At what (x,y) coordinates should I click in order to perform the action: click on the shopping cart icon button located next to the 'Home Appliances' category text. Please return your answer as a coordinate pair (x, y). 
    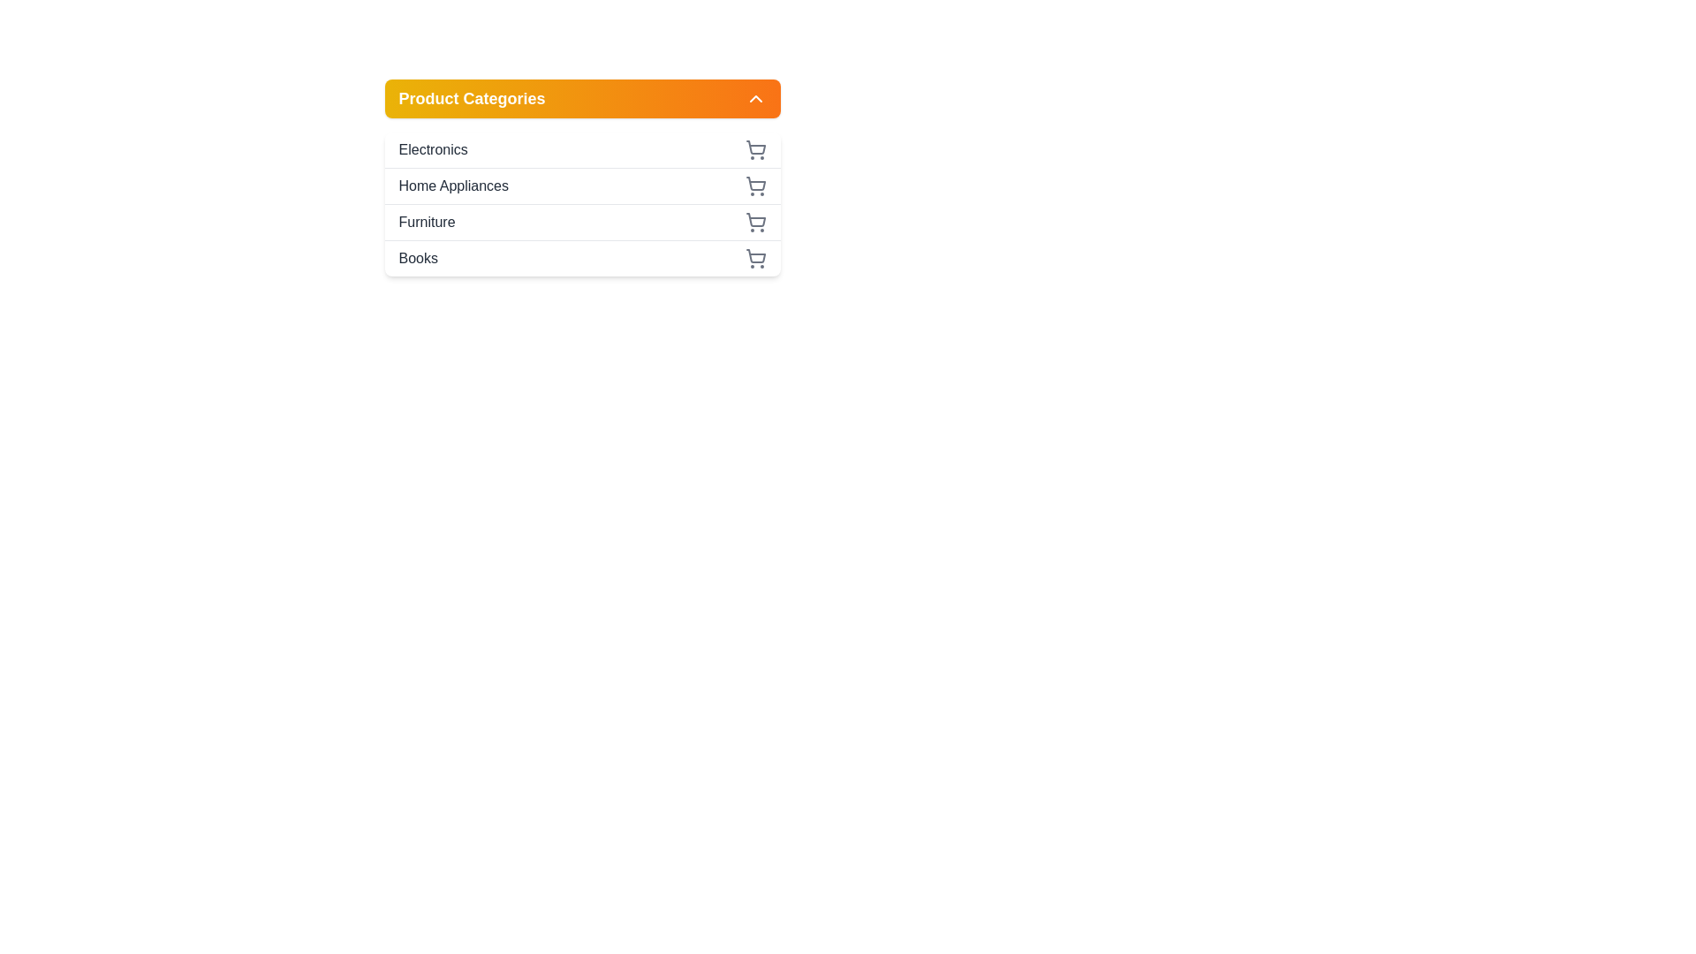
    Looking at the image, I should click on (755, 184).